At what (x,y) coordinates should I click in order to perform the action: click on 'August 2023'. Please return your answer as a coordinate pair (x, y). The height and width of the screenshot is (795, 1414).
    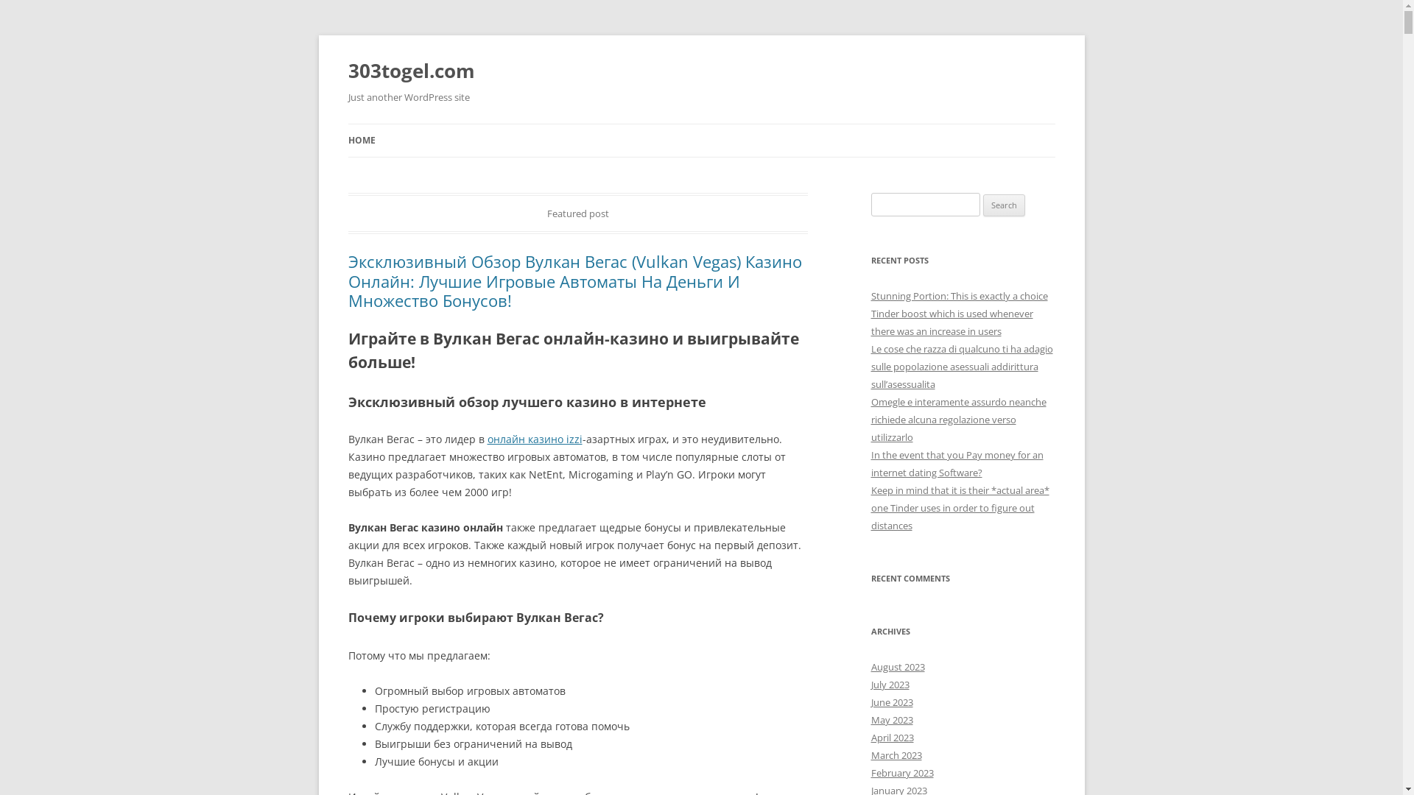
    Looking at the image, I should click on (896, 667).